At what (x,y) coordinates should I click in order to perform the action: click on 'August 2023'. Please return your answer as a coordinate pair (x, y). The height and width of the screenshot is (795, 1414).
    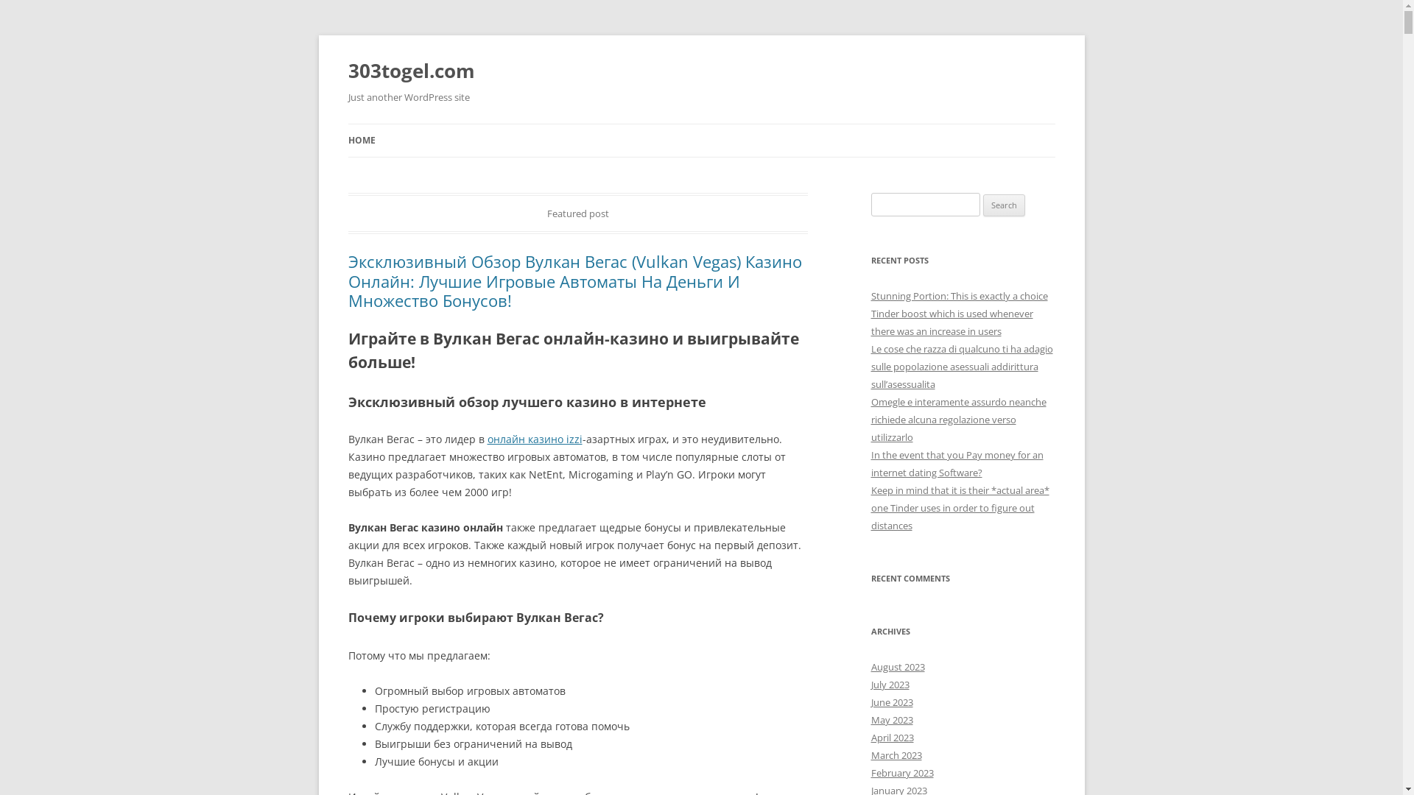
    Looking at the image, I should click on (896, 667).